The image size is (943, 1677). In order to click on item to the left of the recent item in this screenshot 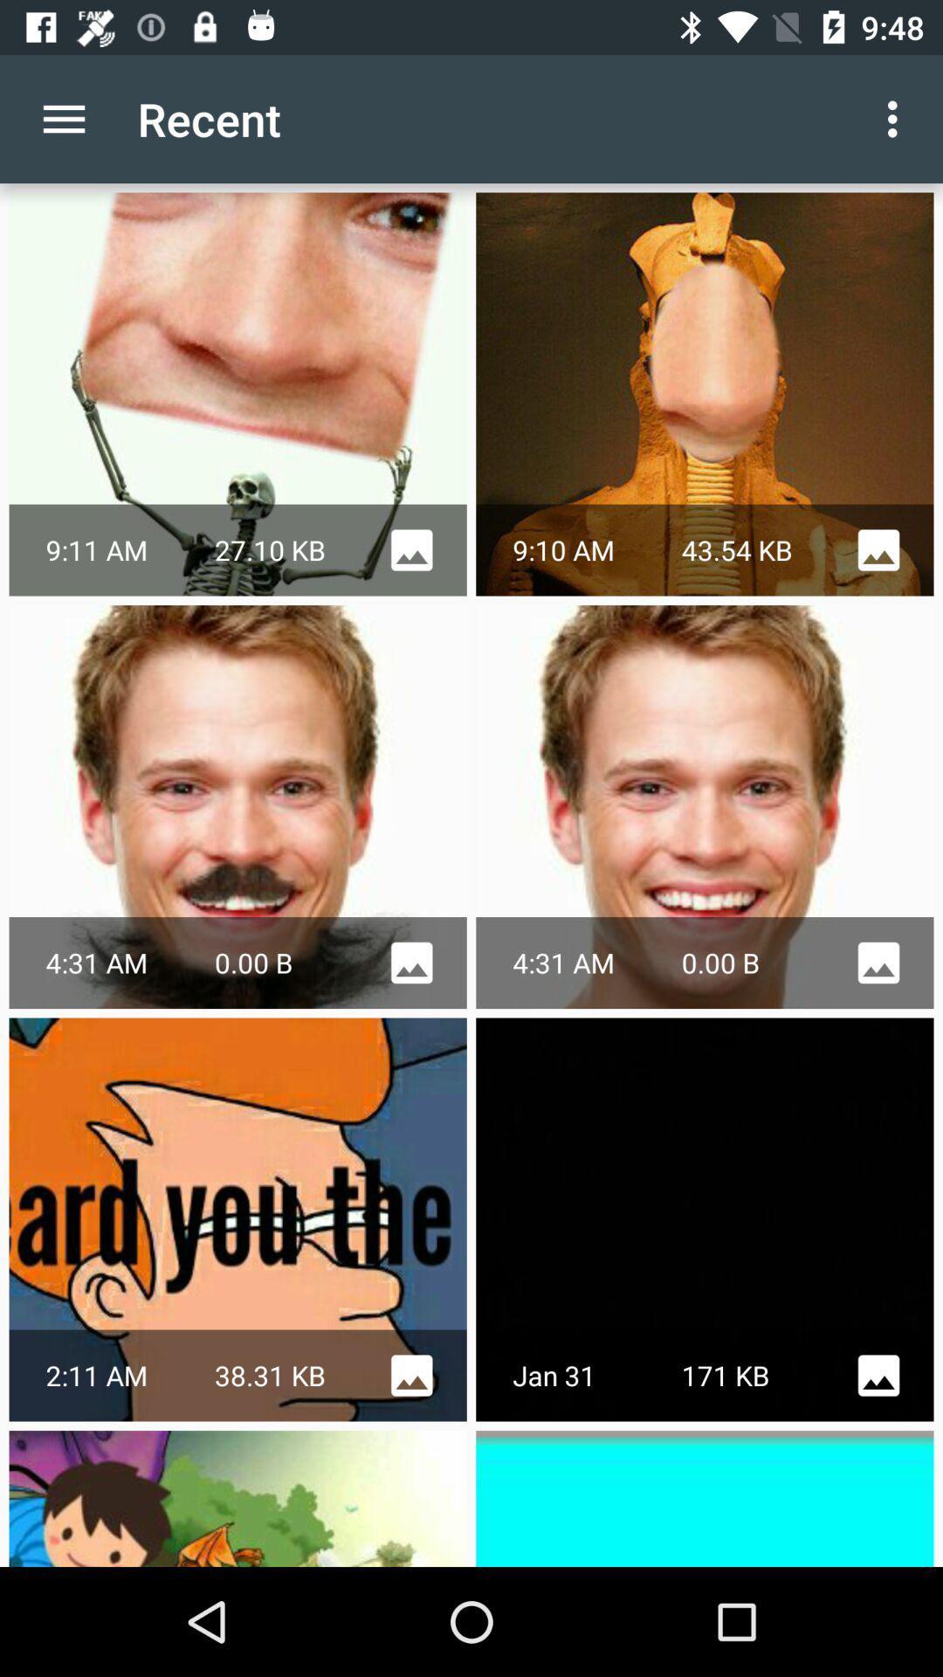, I will do `click(63, 118)`.